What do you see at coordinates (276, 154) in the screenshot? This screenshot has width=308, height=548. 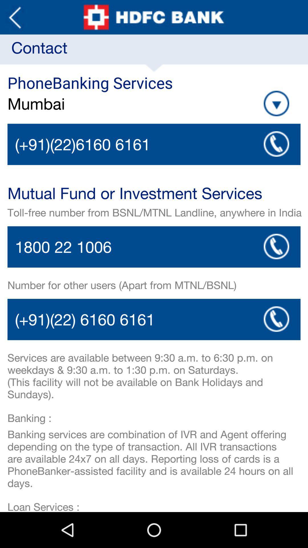 I see `the call icon` at bounding box center [276, 154].